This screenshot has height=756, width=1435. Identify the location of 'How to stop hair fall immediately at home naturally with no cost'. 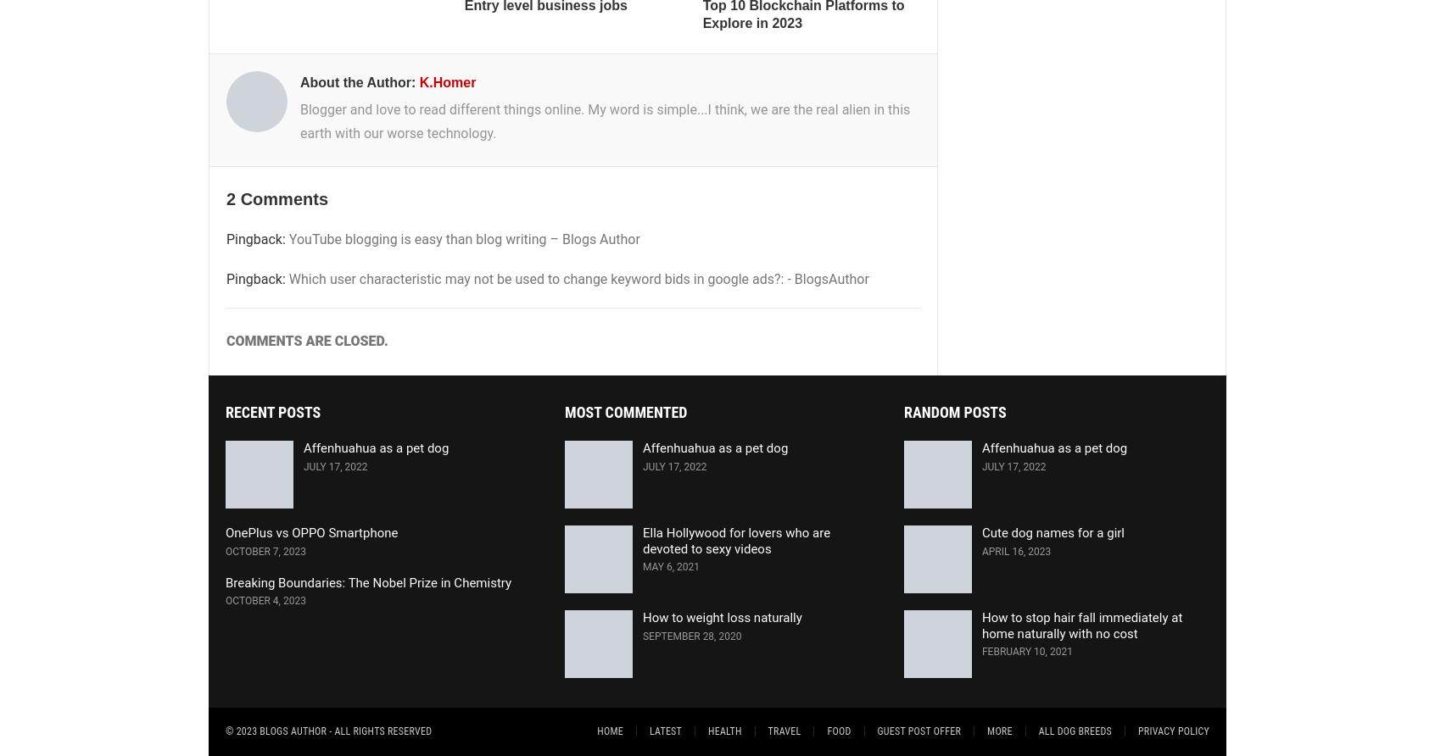
(1080, 625).